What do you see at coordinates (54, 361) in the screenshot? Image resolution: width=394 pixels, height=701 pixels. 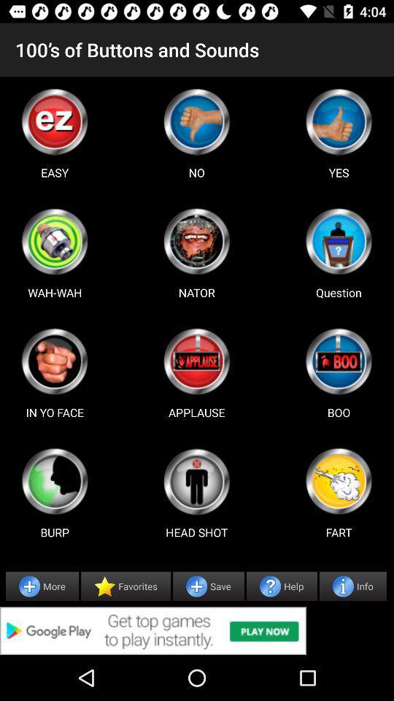 I see `game` at bounding box center [54, 361].